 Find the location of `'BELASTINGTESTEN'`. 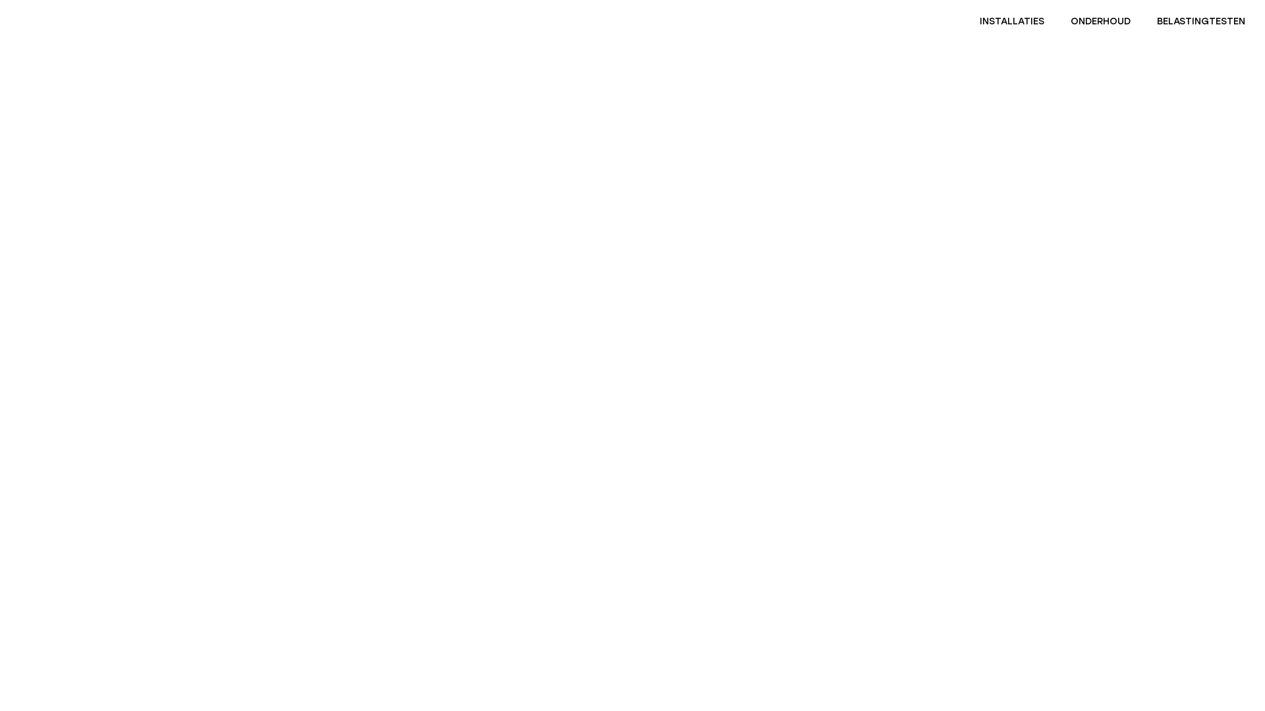

'BELASTINGTESTEN' is located at coordinates (1201, 22).